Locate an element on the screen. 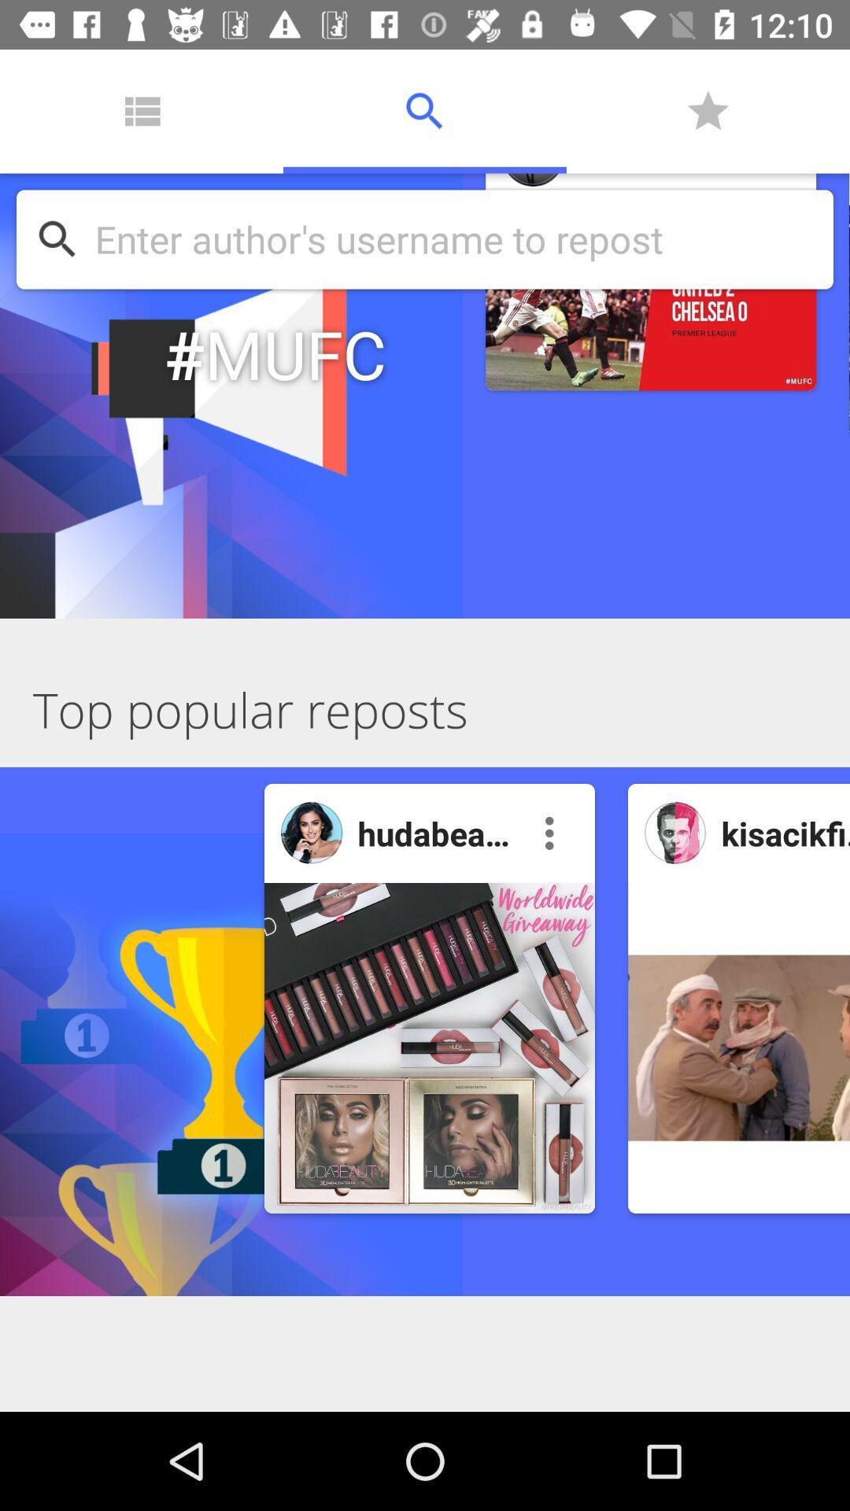 The width and height of the screenshot is (850, 1511). got to the post page is located at coordinates (430, 1047).